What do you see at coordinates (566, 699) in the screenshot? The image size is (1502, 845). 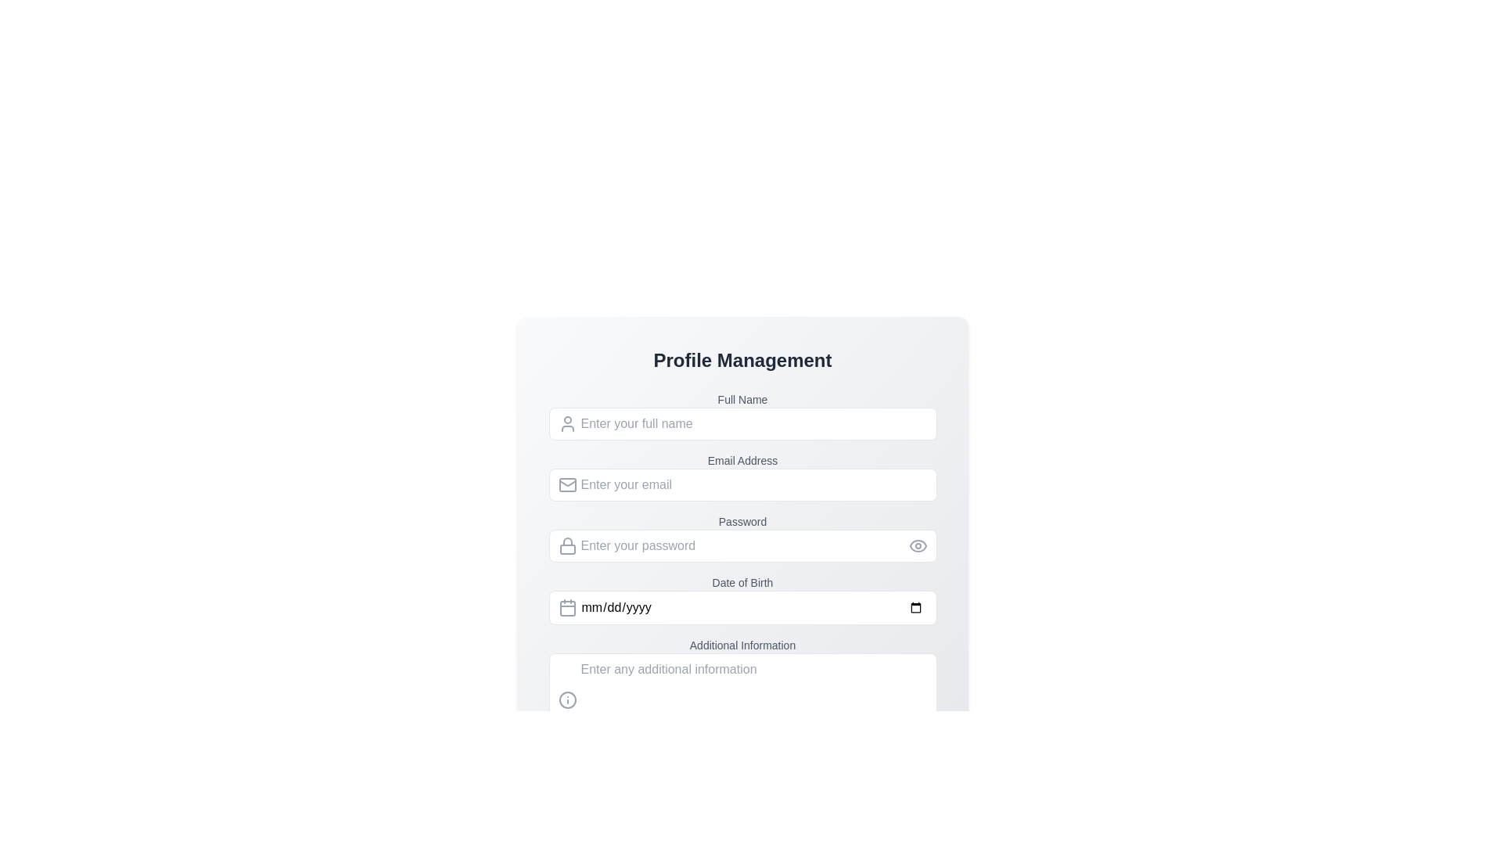 I see `the decorative circular SVG element located near the bottom-left of the 'Additional Information' text input field` at bounding box center [566, 699].